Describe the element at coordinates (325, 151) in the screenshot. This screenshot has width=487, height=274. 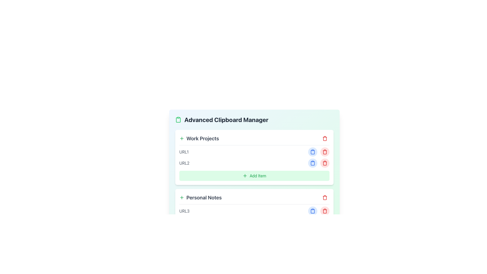
I see `the delete button located to the right of the 'URL2' entry under the 'Work Projects' category` at that location.